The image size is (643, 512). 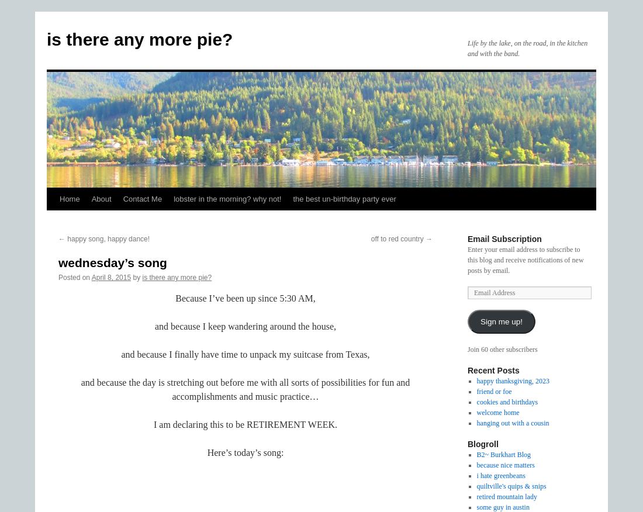 I want to click on 'some guy in austin', so click(x=502, y=507).